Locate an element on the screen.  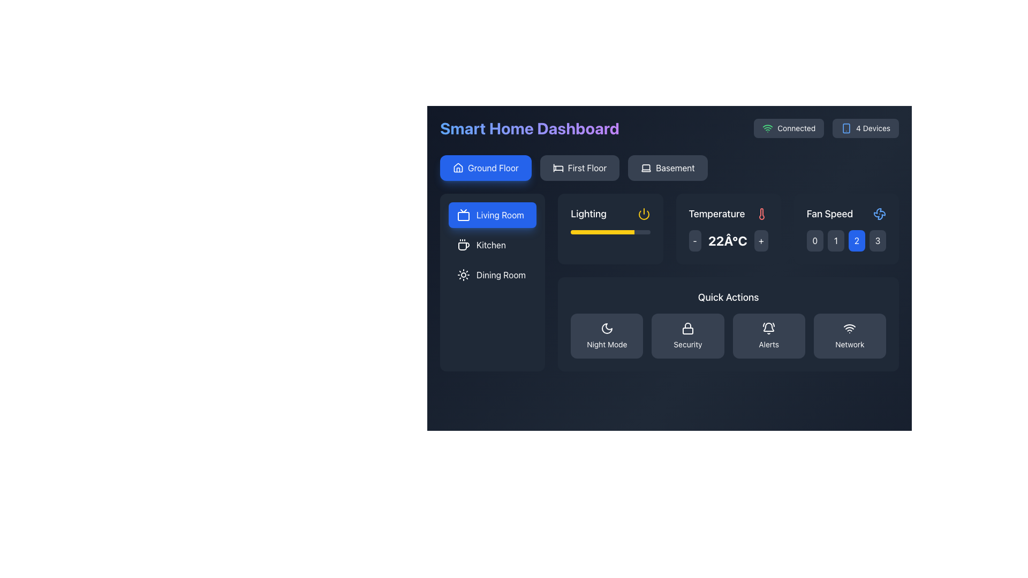
the 'Security' button, which is a dark gray rectangular button with a white lock icon and the label 'Security' below it is located at coordinates (688, 336).